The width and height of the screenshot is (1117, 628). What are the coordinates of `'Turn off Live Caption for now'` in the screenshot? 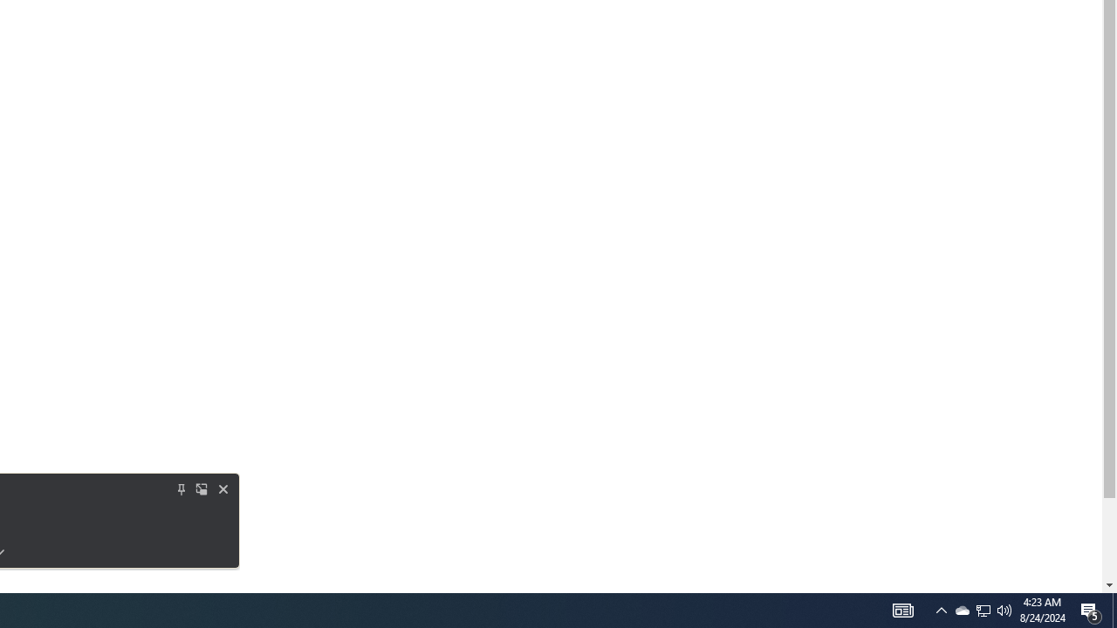 It's located at (223, 488).